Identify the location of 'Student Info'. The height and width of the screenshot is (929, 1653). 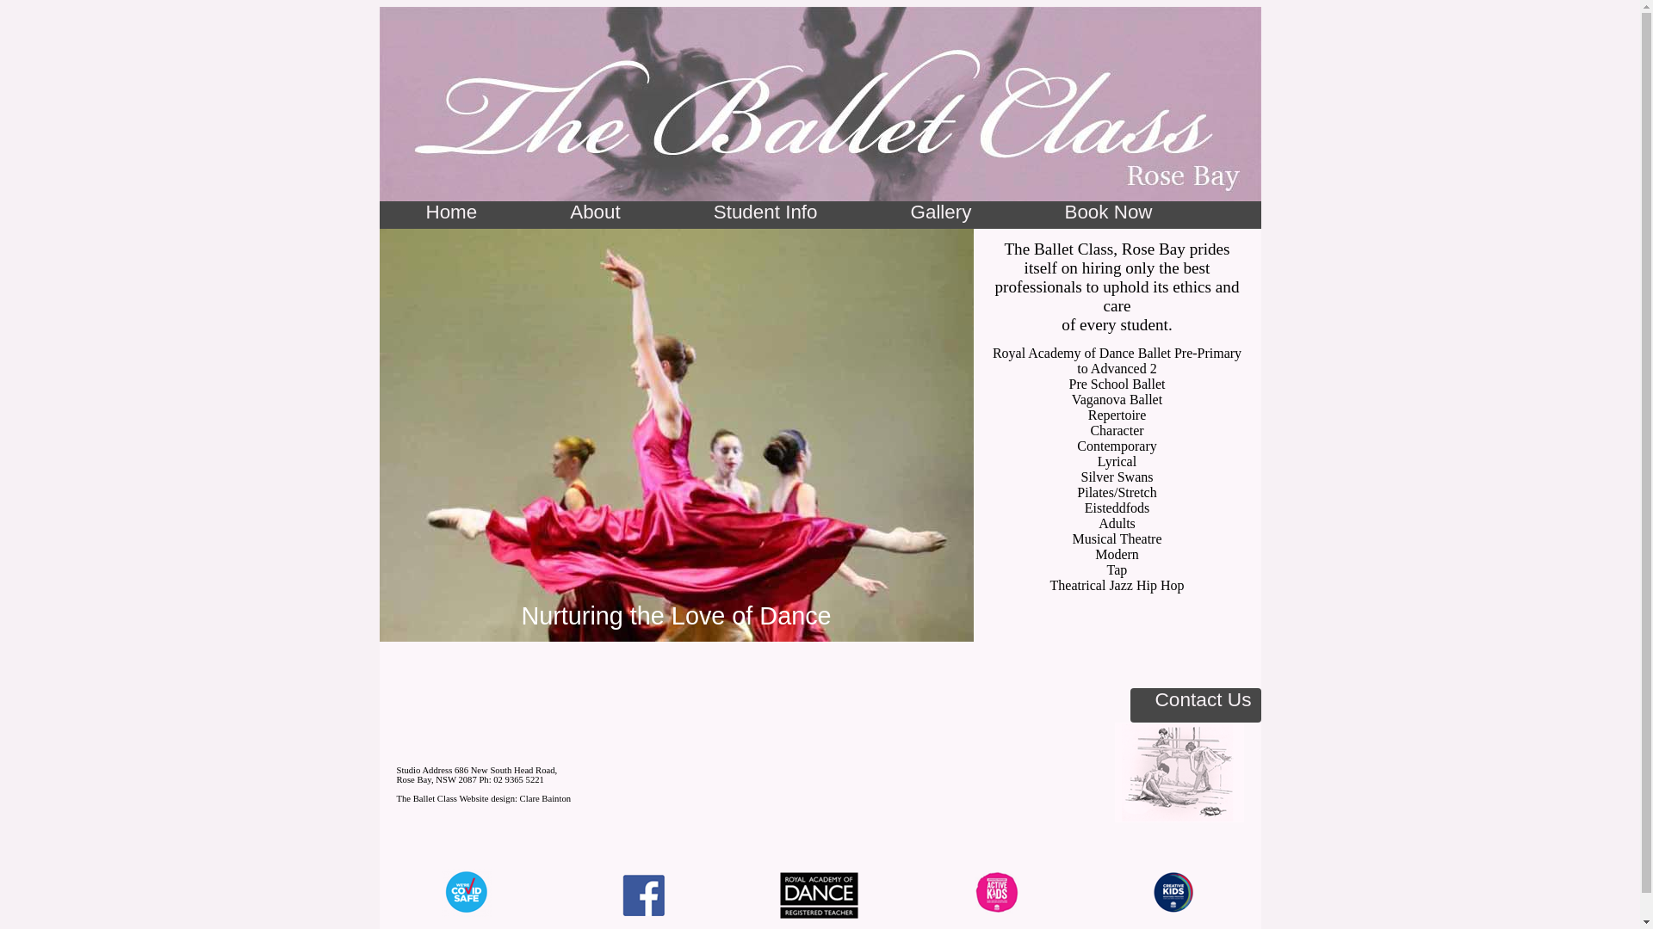
(765, 210).